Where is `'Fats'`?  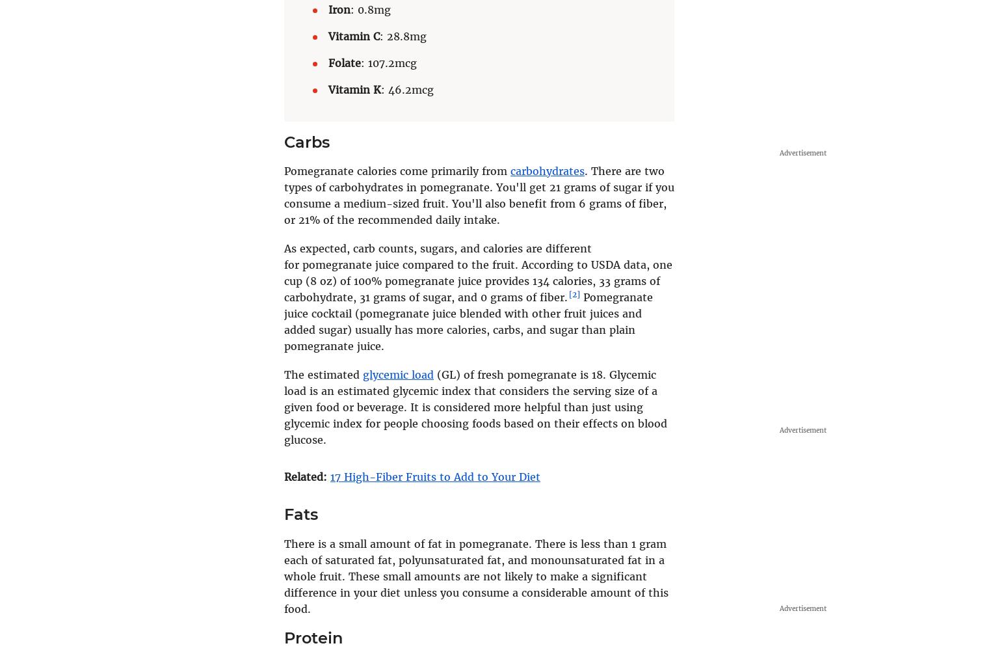 'Fats' is located at coordinates (300, 514).